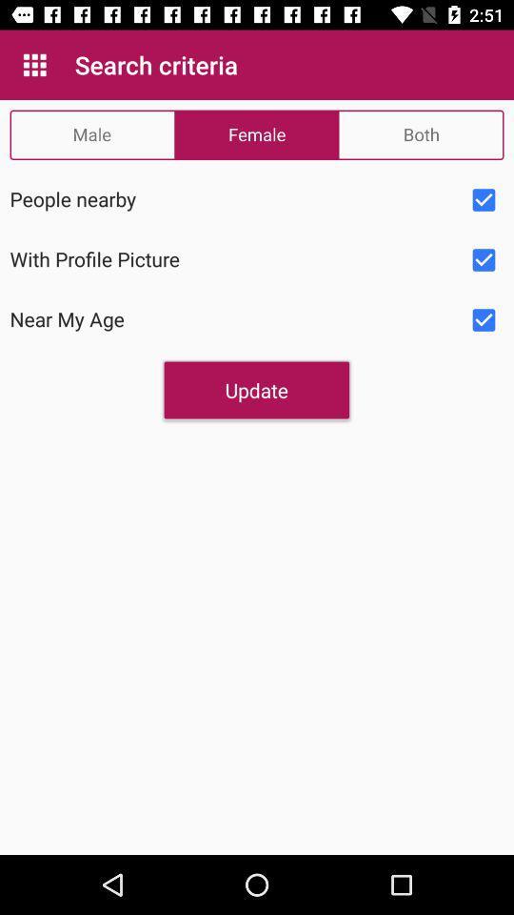 Image resolution: width=514 pixels, height=915 pixels. What do you see at coordinates (484, 320) in the screenshot?
I see `tik button` at bounding box center [484, 320].